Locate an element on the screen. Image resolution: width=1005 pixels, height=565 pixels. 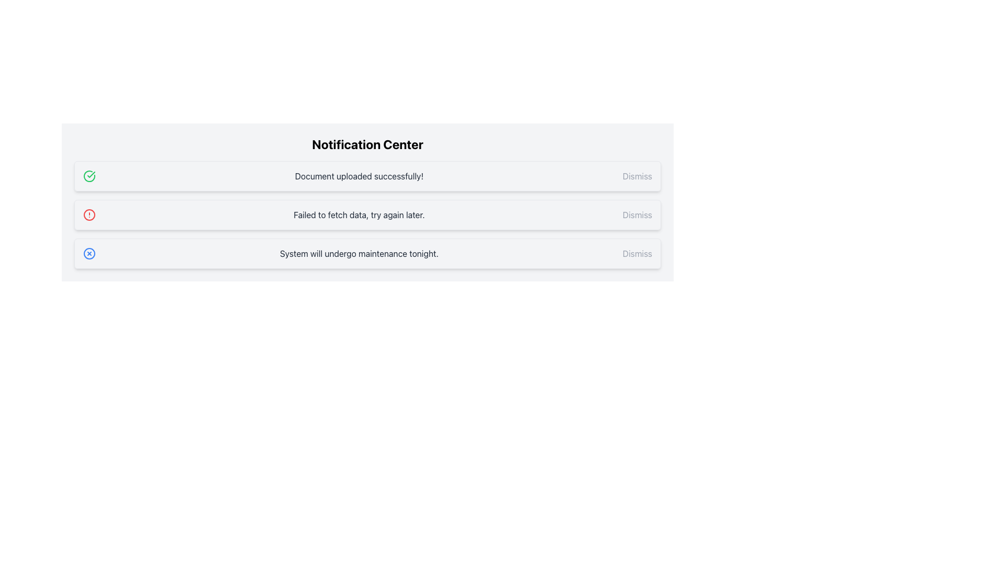
the circular checkmark icon with a green outline, which is the leftmost icon of the first notification entry preceding the text 'Document uploaded successfully!' and the 'Dismiss' button is located at coordinates (90, 175).